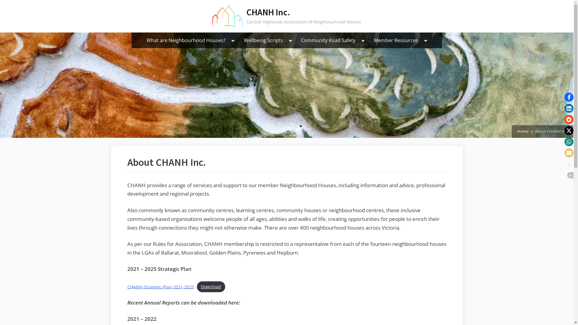  What do you see at coordinates (160, 286) in the screenshot?
I see `'CHANH-Strategic-Plan-2021-2025'` at bounding box center [160, 286].